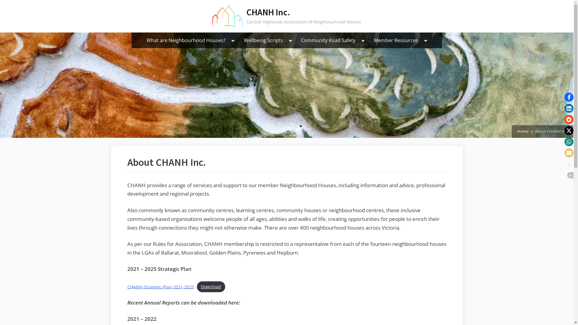  What do you see at coordinates (160, 286) in the screenshot?
I see `'CHANH-Strategic-Plan-2021-2025'` at bounding box center [160, 286].